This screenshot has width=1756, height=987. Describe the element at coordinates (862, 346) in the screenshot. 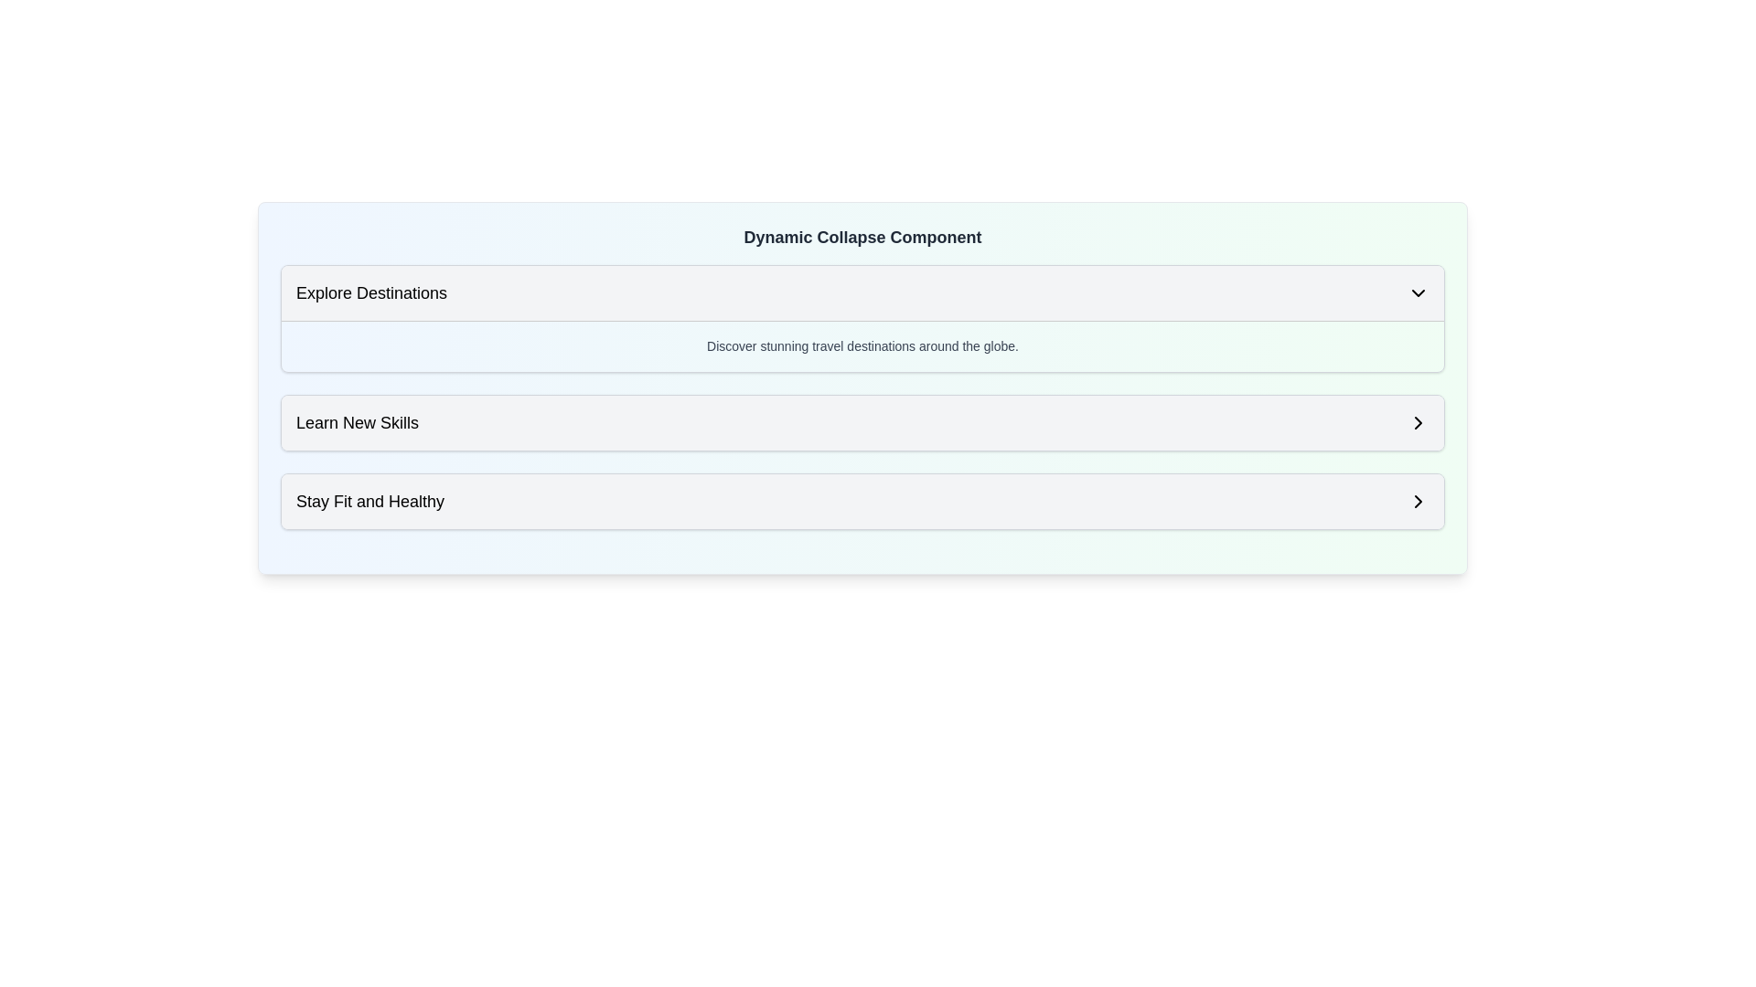

I see `text content of the static text label displaying 'Discover stunning travel destinations around the globe.' located in the expanded panel under the 'Explore Destinations' accordion section` at that location.